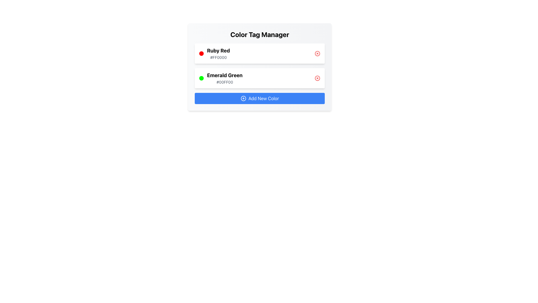 The image size is (538, 303). Describe the element at coordinates (243, 98) in the screenshot. I see `the icon symbolizing the addition of a new item within the 'Add New Color' button` at that location.